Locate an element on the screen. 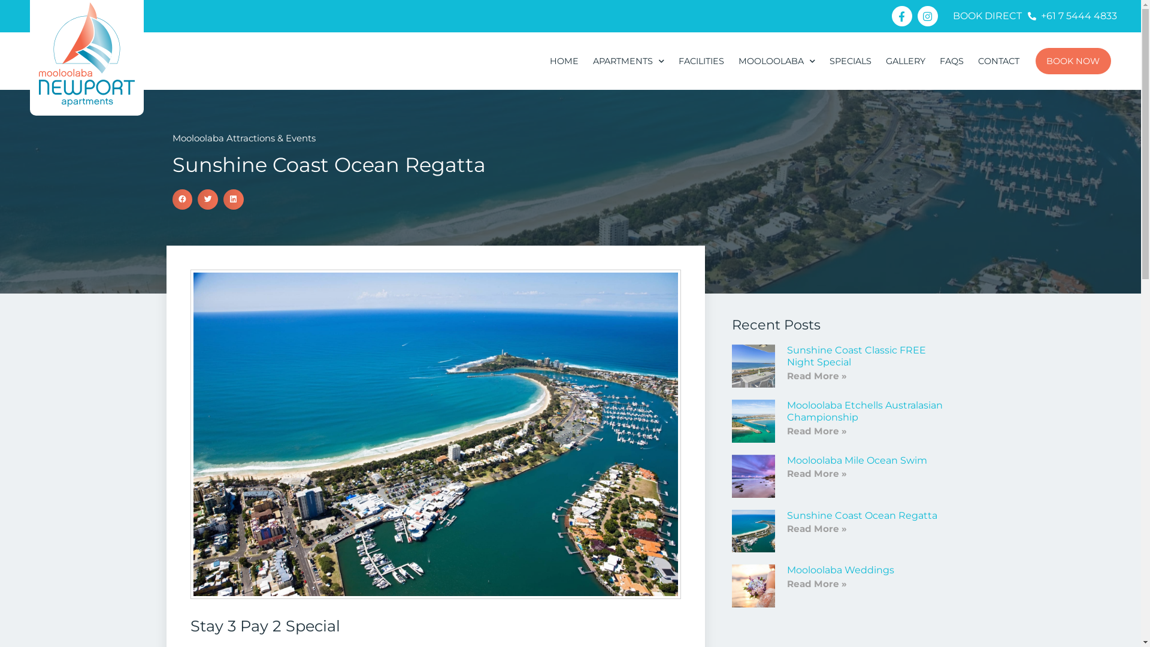 The height and width of the screenshot is (647, 1150). 'Mooloolaba Attractions & Events' is located at coordinates (243, 137).